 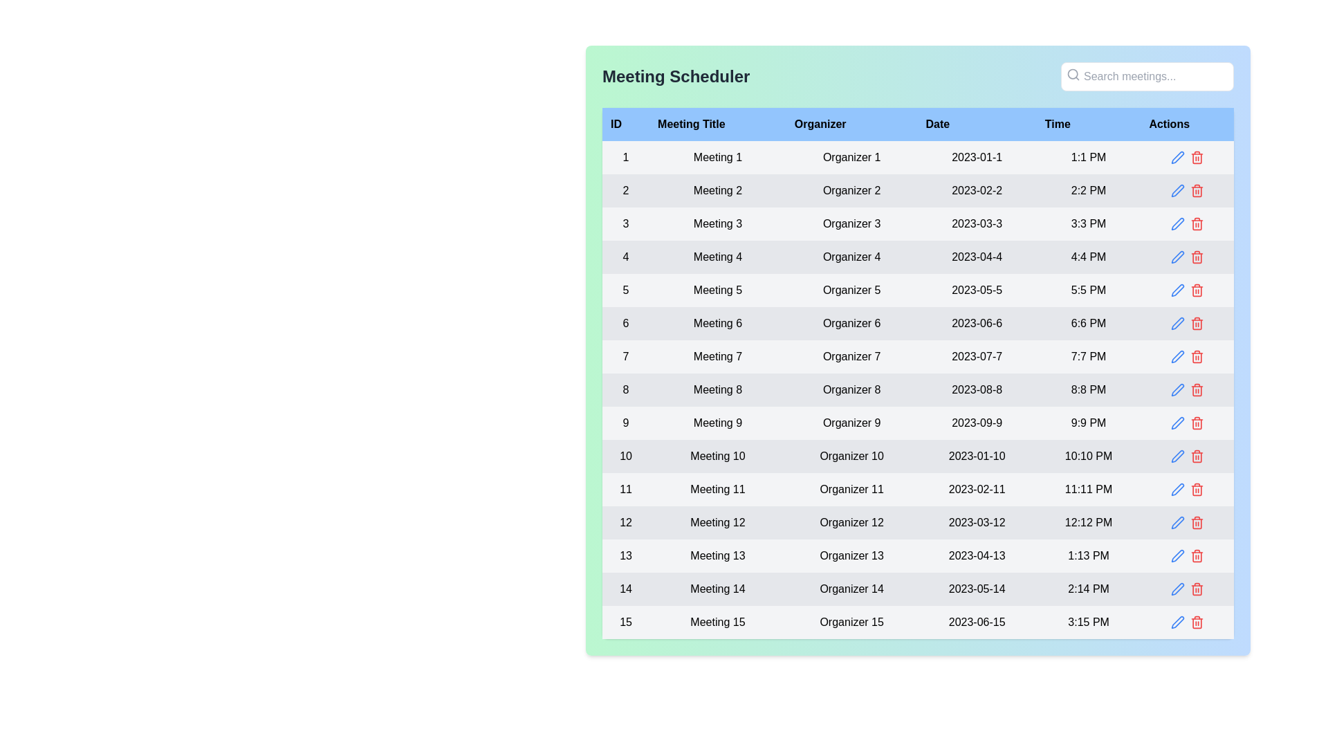 I want to click on the edit icon (pencil) in the Actions column of the last row for 'Meeting 7', so click(x=1186, y=356).